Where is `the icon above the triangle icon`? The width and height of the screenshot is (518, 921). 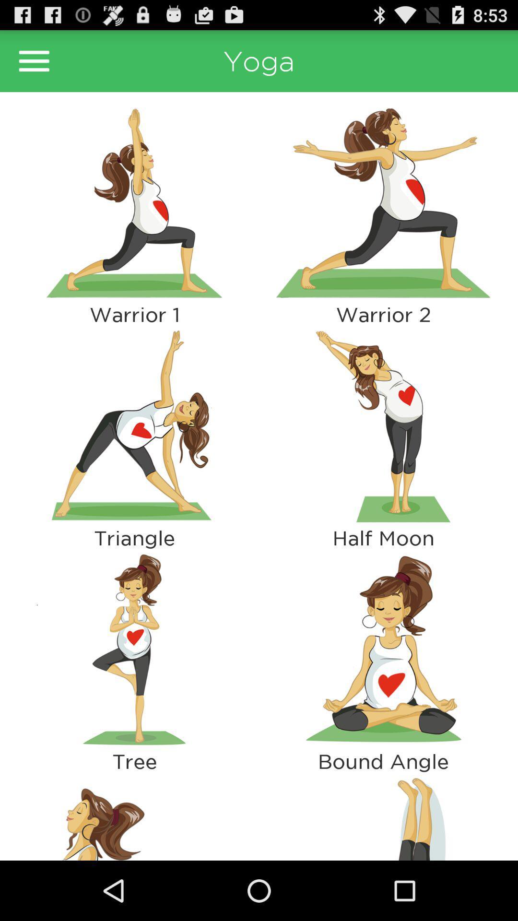 the icon above the triangle icon is located at coordinates (134, 425).